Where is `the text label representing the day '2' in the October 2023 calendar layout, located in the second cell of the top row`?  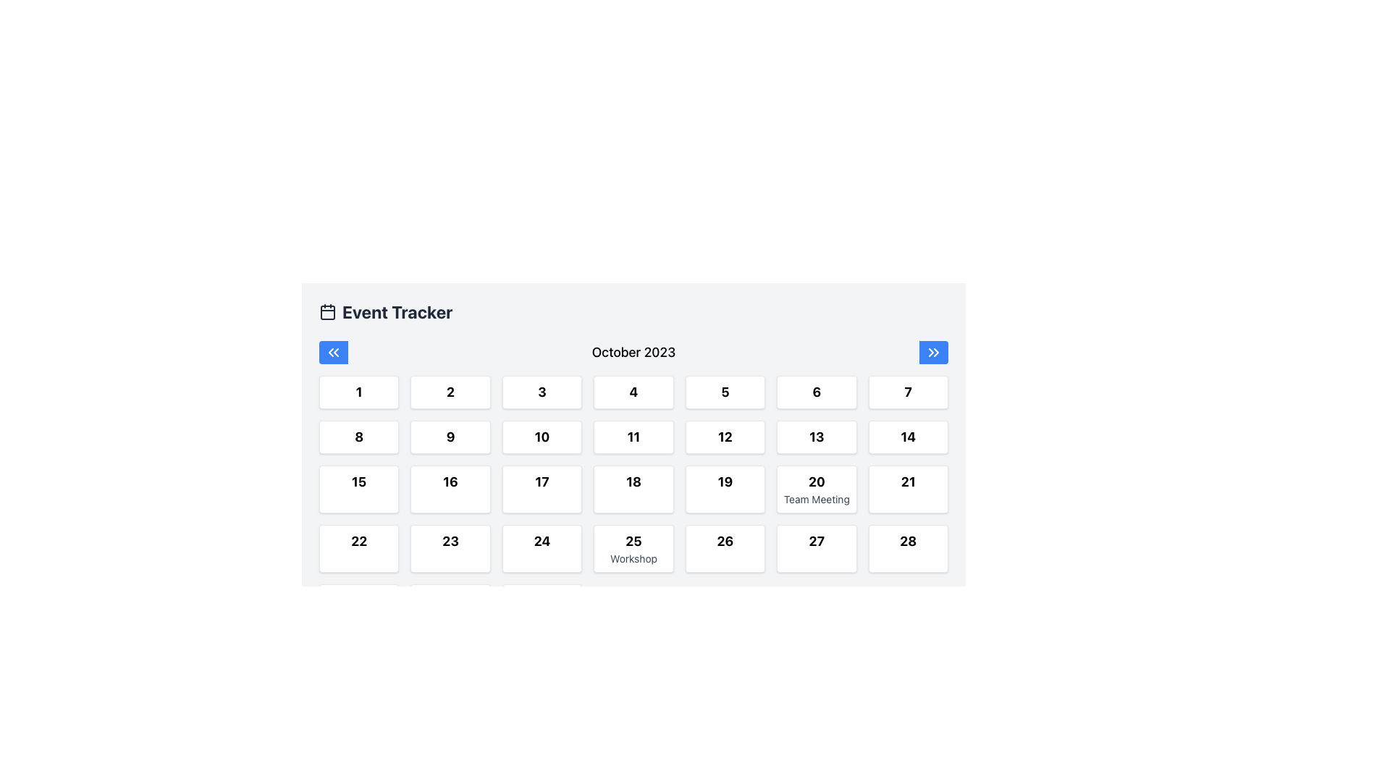
the text label representing the day '2' in the October 2023 calendar layout, located in the second cell of the top row is located at coordinates (450, 392).